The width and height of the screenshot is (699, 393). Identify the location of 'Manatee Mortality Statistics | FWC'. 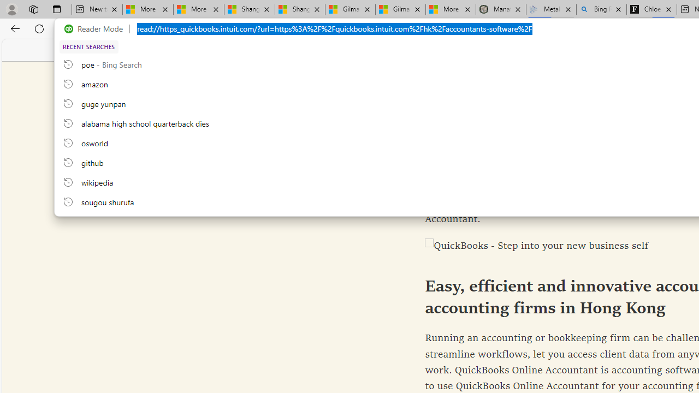
(500, 9).